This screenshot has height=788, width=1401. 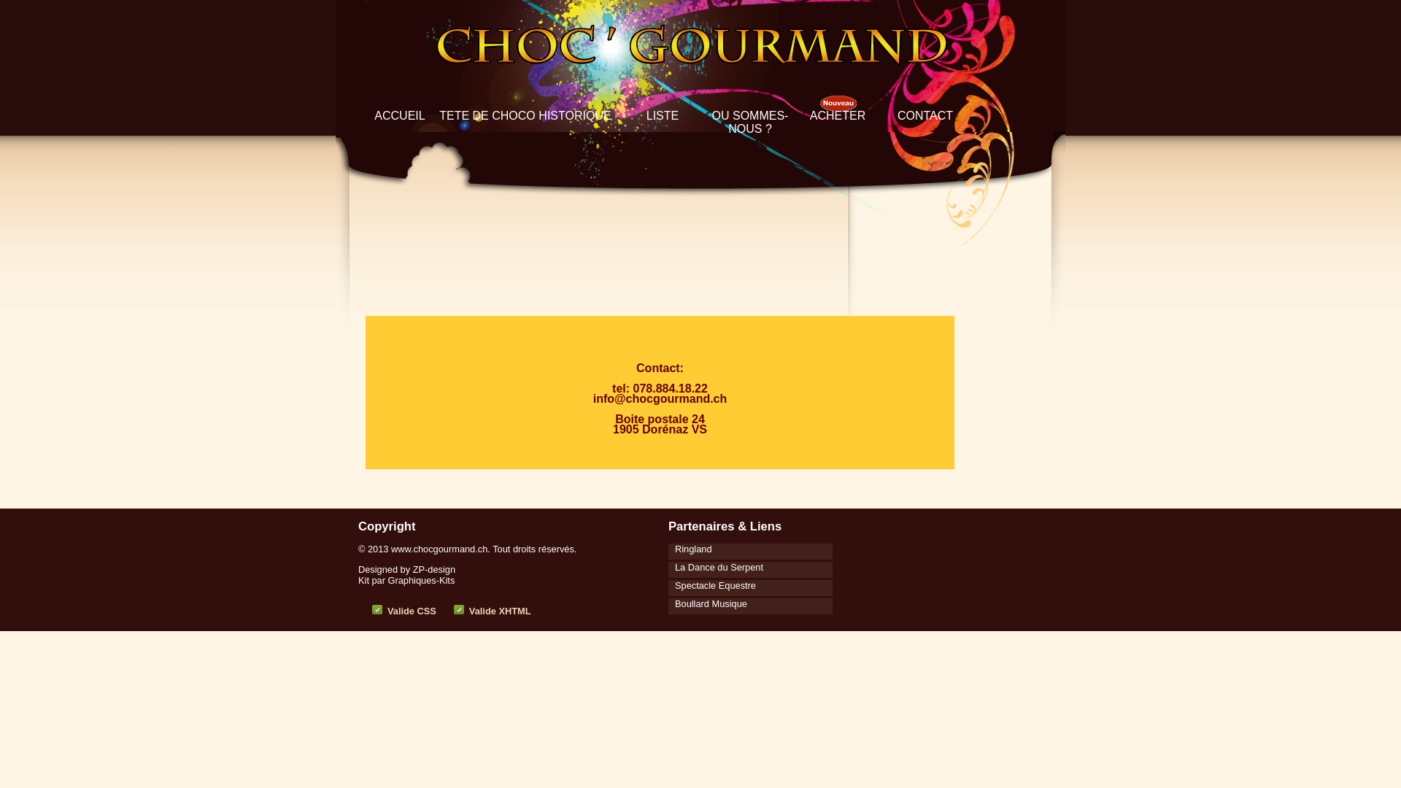 What do you see at coordinates (750, 121) in the screenshot?
I see `'OU SOMMES-NOUS ?'` at bounding box center [750, 121].